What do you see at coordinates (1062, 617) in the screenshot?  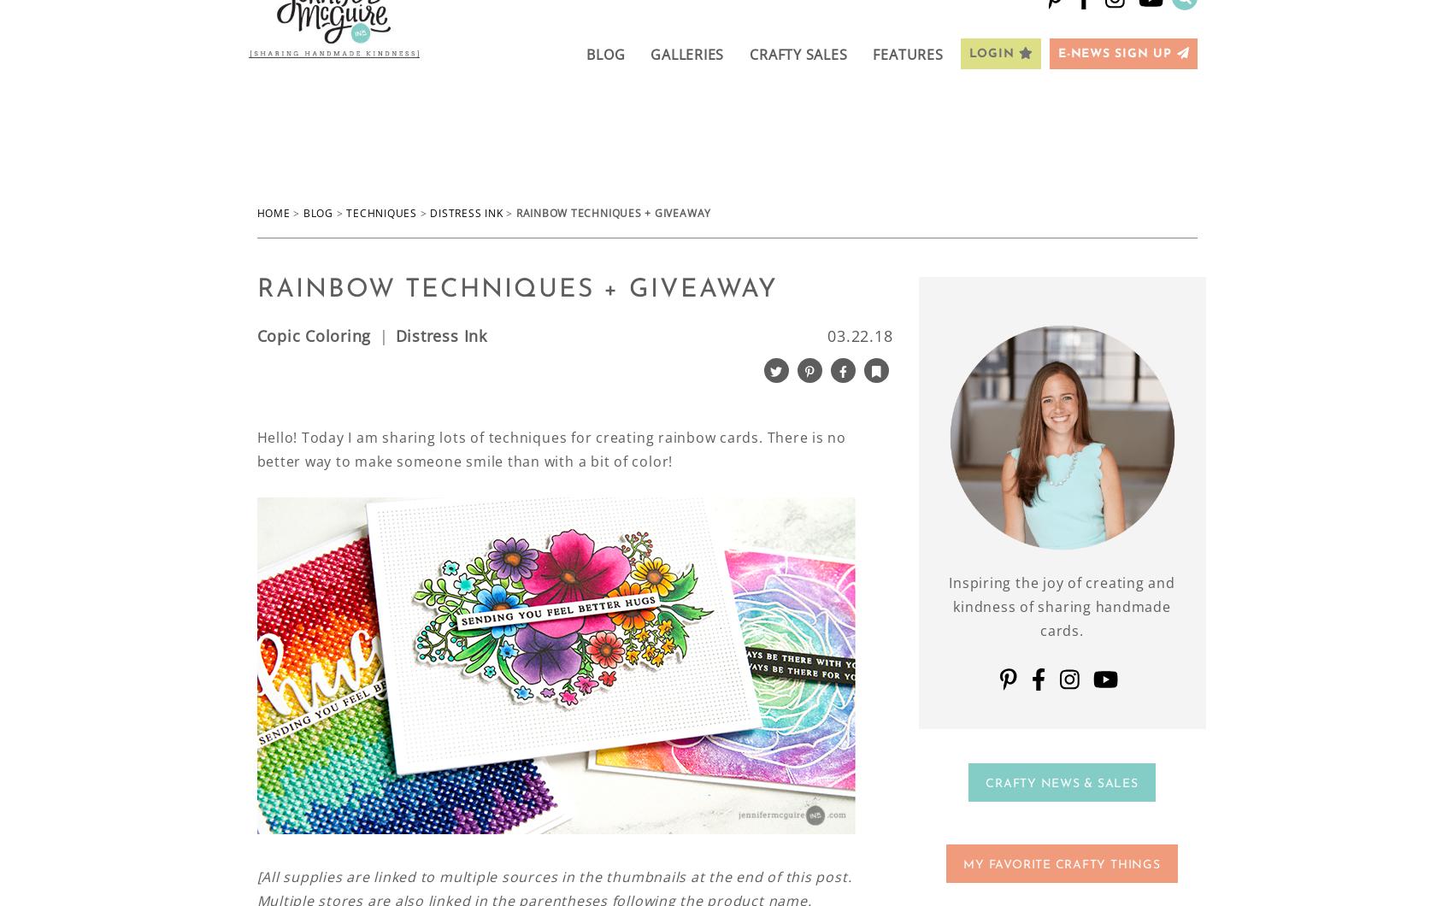 I see `'kindness of sharing handmade cards.'` at bounding box center [1062, 617].